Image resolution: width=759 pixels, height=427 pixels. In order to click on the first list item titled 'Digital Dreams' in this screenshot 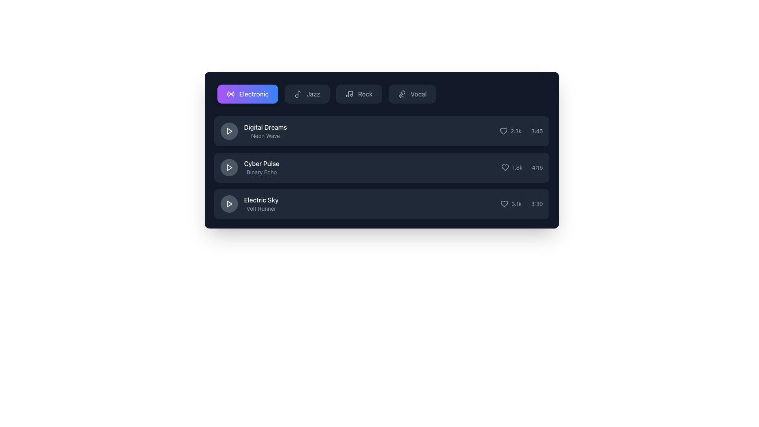, I will do `click(253, 130)`.